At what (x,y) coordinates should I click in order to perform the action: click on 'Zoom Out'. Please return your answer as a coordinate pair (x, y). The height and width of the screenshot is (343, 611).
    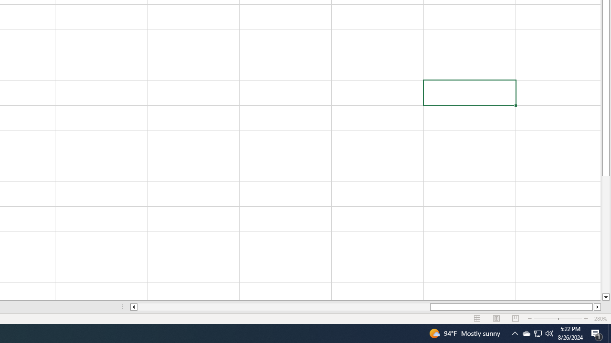
    Looking at the image, I should click on (552, 319).